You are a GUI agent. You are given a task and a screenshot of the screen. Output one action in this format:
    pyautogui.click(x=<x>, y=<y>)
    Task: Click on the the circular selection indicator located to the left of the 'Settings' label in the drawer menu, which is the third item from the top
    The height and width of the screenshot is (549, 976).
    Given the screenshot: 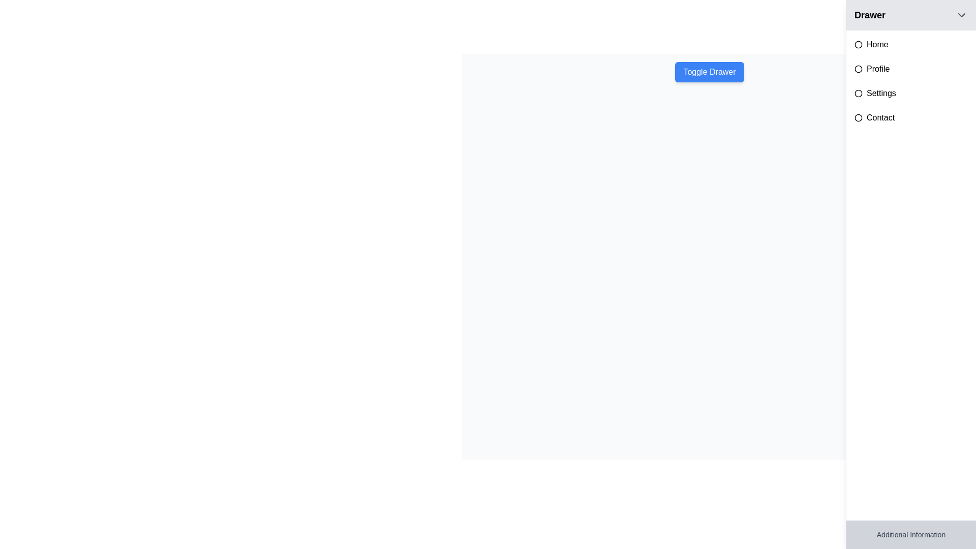 What is the action you would take?
    pyautogui.click(x=858, y=94)
    